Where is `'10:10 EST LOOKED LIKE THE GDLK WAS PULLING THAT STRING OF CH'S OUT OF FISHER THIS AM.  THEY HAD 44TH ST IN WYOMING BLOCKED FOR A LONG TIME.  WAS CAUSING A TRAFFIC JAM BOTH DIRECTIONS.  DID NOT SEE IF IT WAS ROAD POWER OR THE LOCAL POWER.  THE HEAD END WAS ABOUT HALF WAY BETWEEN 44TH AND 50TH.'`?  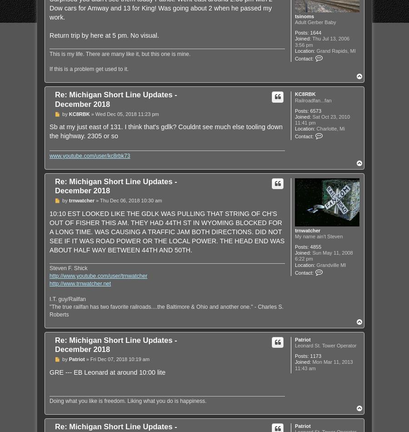 '10:10 EST LOOKED LIKE THE GDLK WAS PULLING THAT STRING OF CH'S OUT OF FISHER THIS AM.  THEY HAD 44TH ST IN WYOMING BLOCKED FOR A LONG TIME.  WAS CAUSING A TRAFFIC JAM BOTH DIRECTIONS.  DID NOT SEE IF IT WAS ROAD POWER OR THE LOCAL POWER.  THE HEAD END WAS ABOUT HALF WAY BETWEEN 44TH AND 50TH.' is located at coordinates (167, 231).